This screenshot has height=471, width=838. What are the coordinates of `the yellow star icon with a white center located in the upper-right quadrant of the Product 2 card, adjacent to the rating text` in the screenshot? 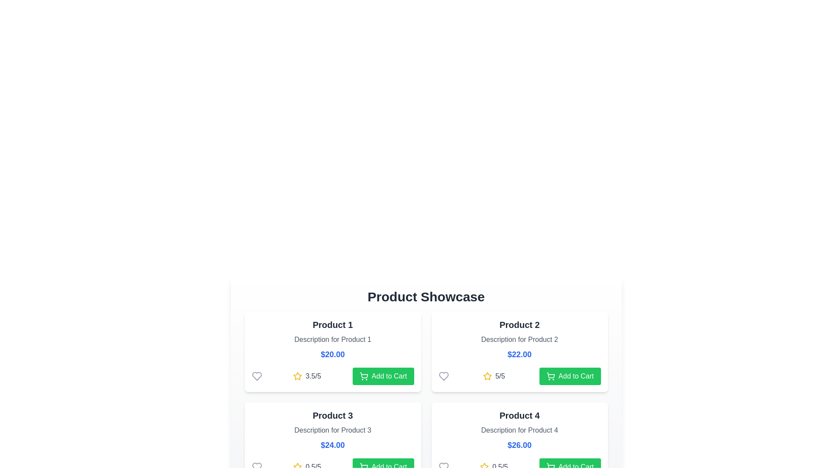 It's located at (298, 375).